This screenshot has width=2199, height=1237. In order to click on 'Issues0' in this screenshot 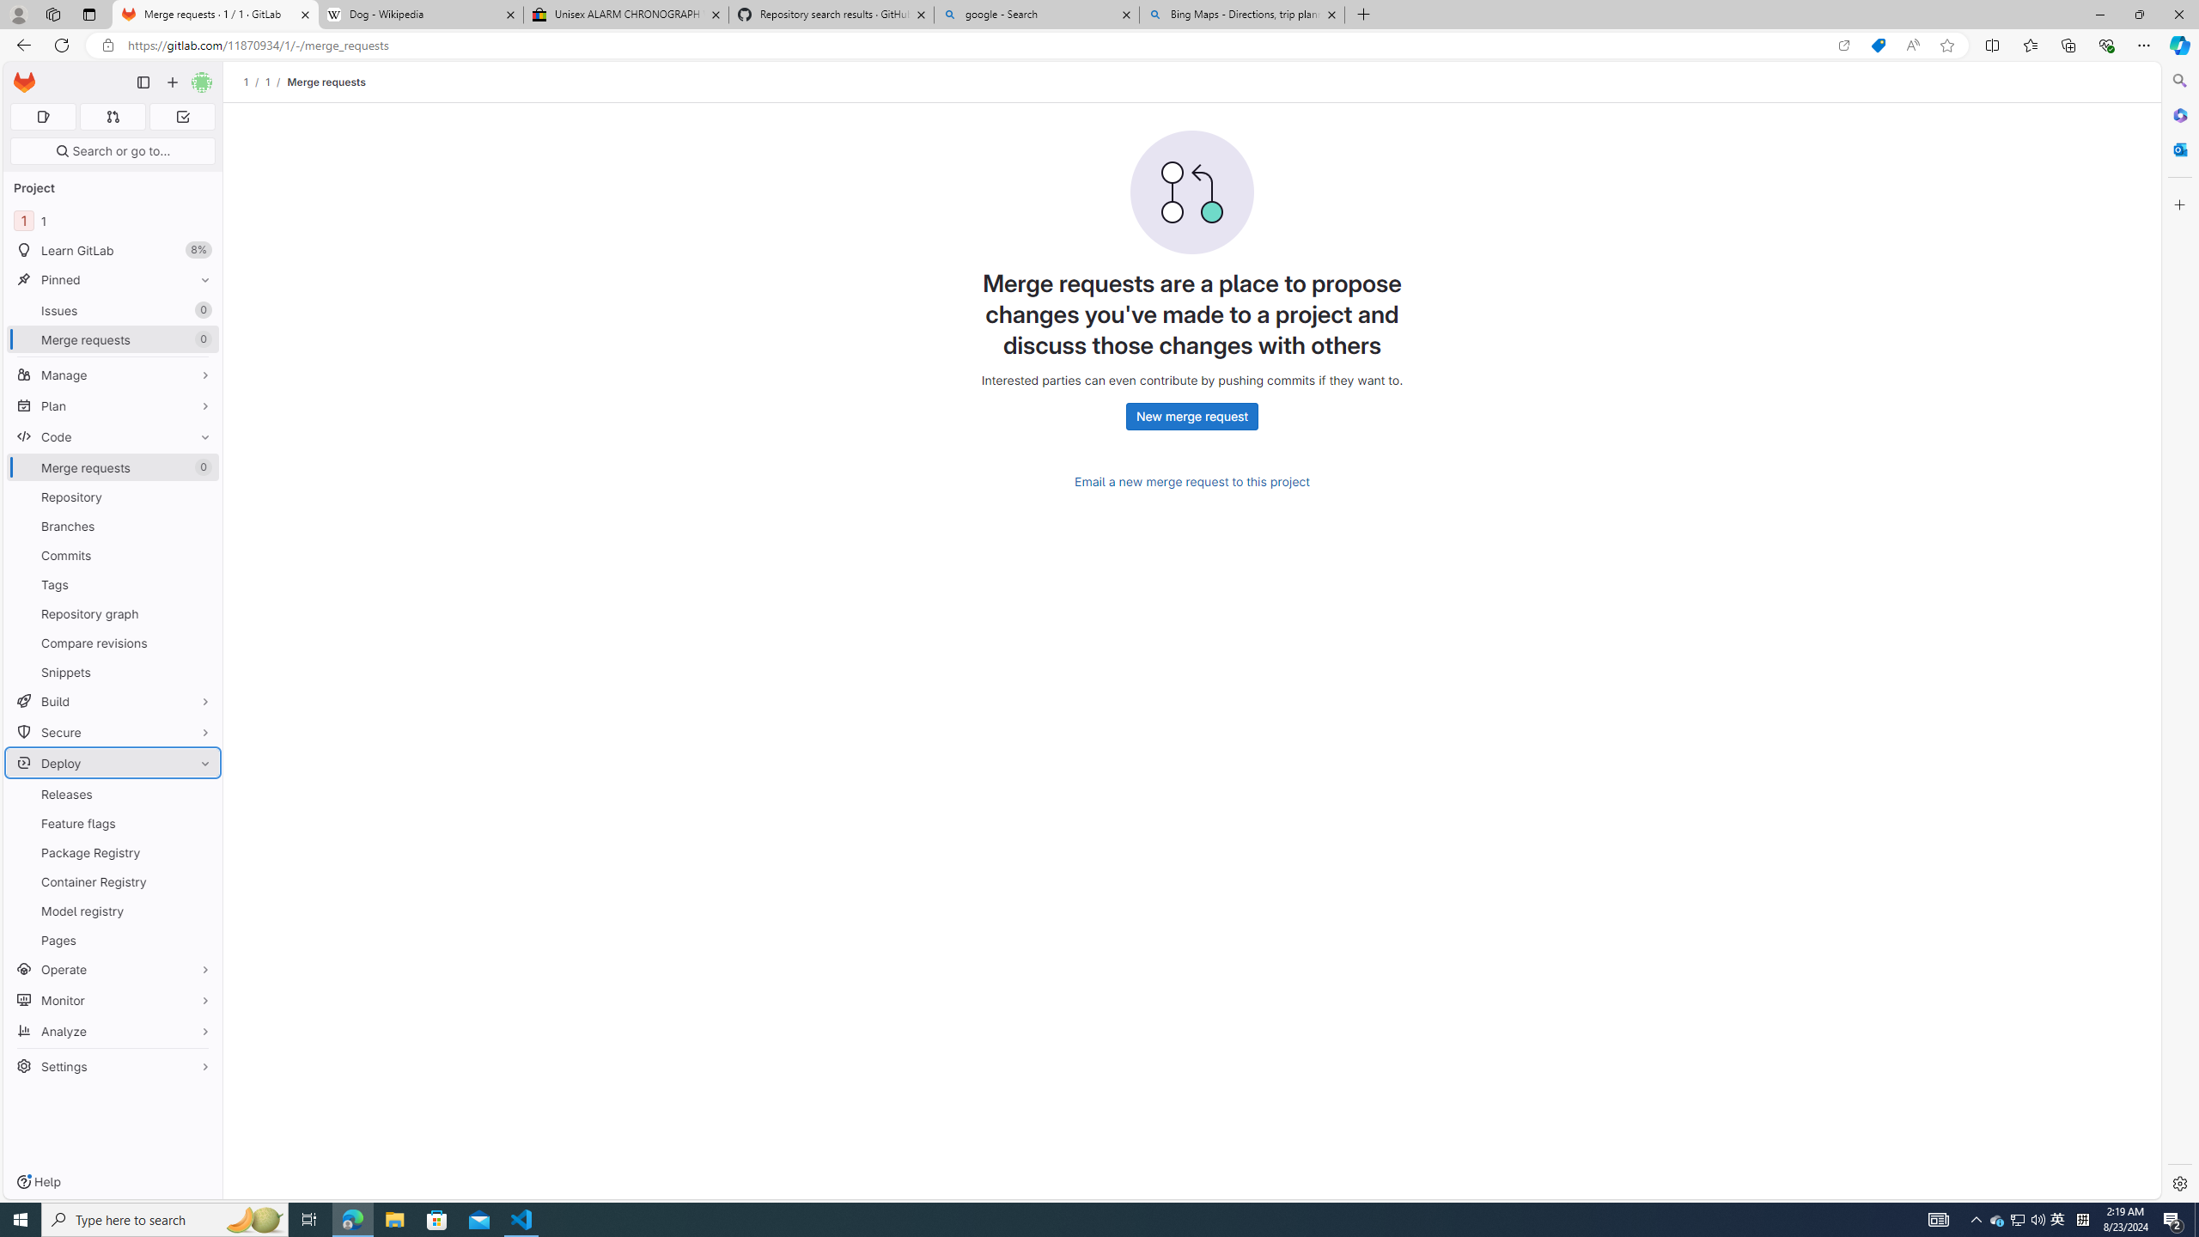, I will do `click(112, 309)`.